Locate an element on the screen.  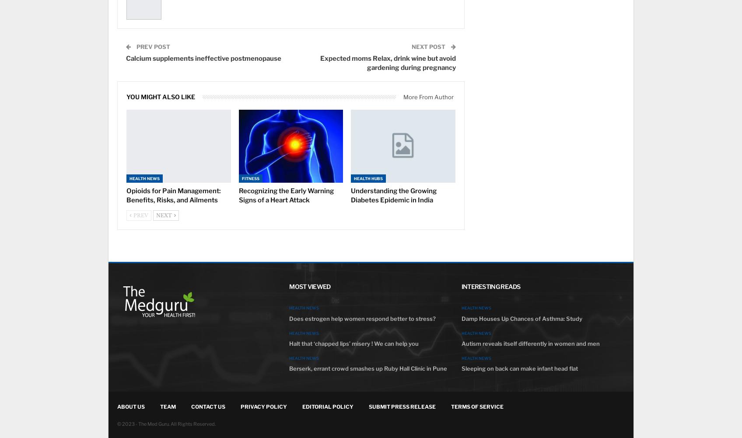
'Interesting reads' is located at coordinates (490, 286).